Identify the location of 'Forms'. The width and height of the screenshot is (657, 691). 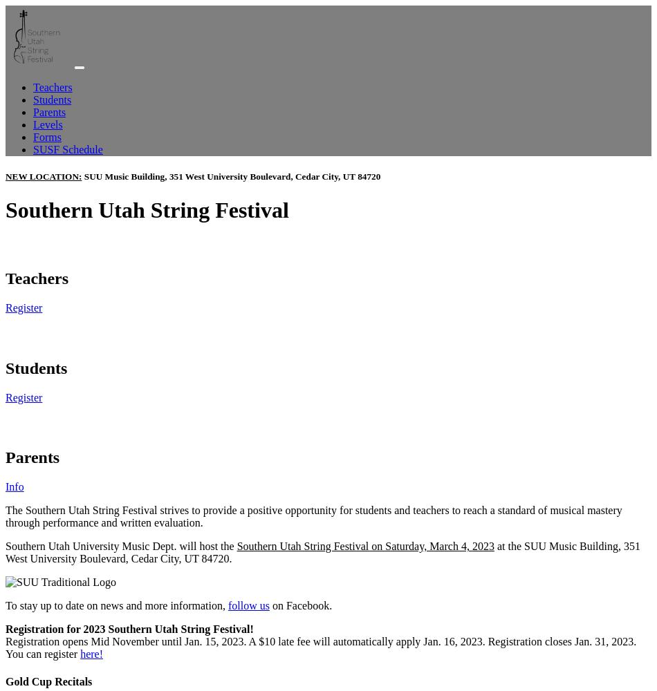
(33, 136).